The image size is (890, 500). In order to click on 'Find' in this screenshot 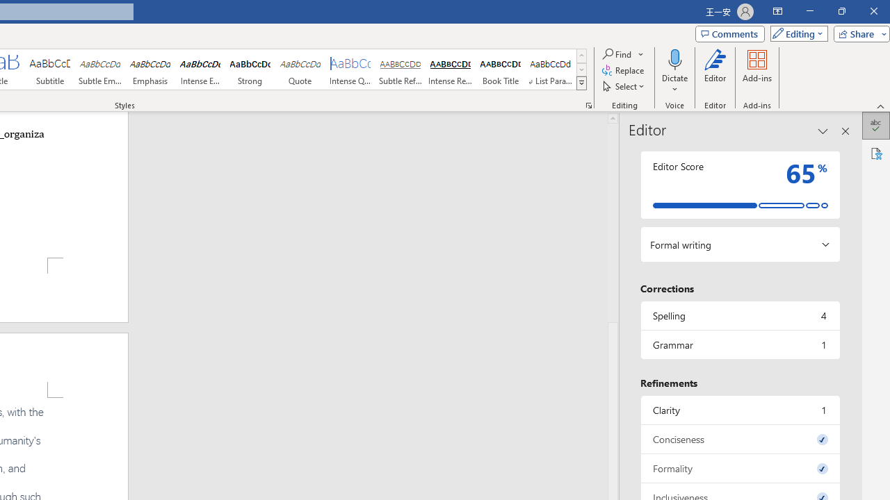, I will do `click(622, 53)`.